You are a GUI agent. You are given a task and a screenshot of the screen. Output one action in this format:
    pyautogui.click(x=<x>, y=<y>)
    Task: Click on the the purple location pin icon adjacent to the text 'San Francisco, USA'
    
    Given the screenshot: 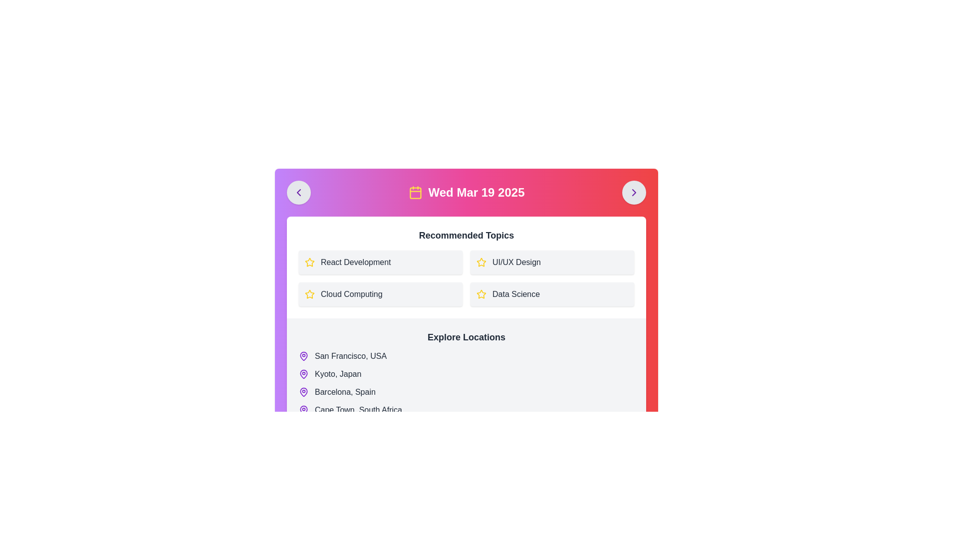 What is the action you would take?
    pyautogui.click(x=303, y=355)
    